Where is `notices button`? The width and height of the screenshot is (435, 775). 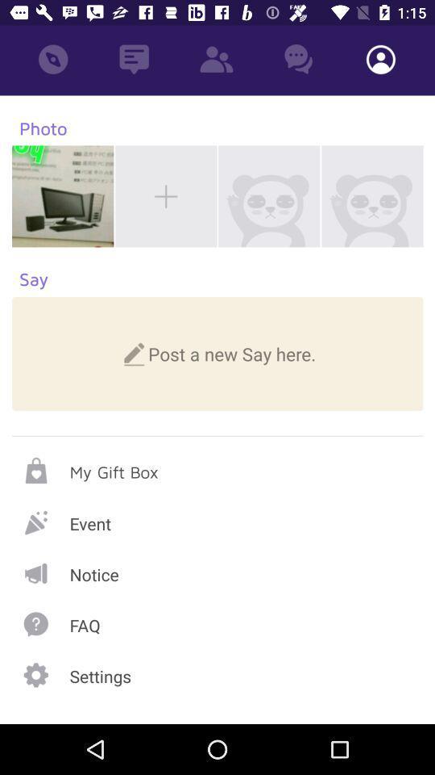
notices button is located at coordinates (217, 573).